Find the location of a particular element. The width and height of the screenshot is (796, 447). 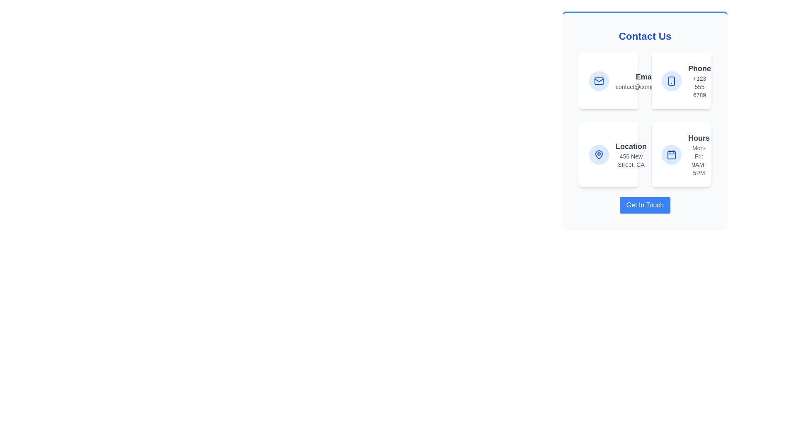

the text label displaying business hours information located below the 'Hours' text in the 'Contact Us' section is located at coordinates (698, 161).